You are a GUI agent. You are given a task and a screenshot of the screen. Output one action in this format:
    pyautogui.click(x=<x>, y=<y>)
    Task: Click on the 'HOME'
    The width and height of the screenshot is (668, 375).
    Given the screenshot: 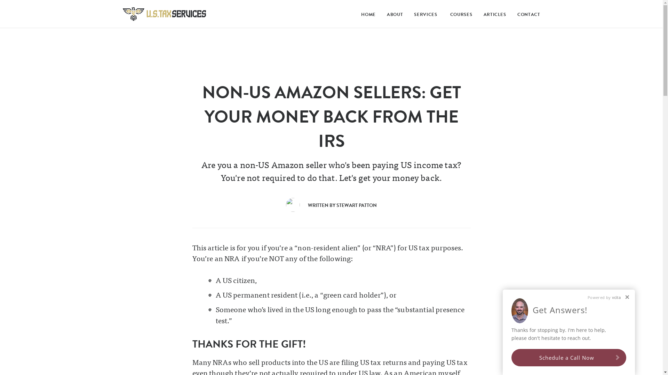 What is the action you would take?
    pyautogui.click(x=366, y=15)
    